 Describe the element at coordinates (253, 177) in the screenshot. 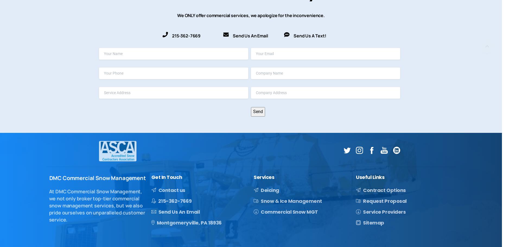

I see `'Services'` at that location.